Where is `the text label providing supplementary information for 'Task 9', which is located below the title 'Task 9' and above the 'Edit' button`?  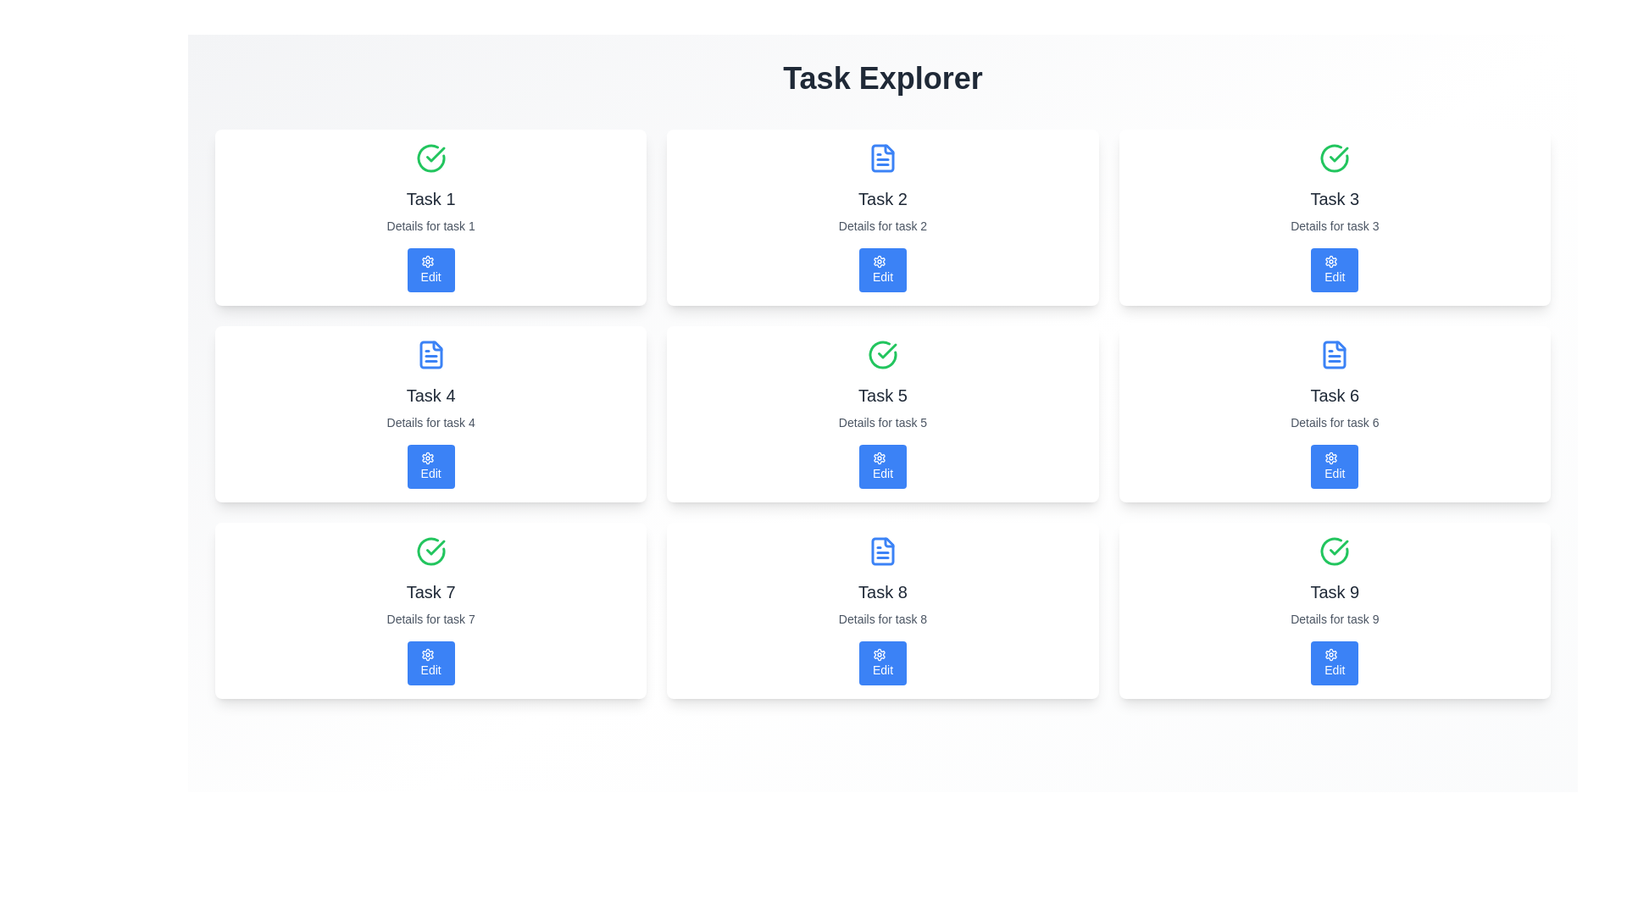
the text label providing supplementary information for 'Task 9', which is located below the title 'Task 9' and above the 'Edit' button is located at coordinates (1334, 619).